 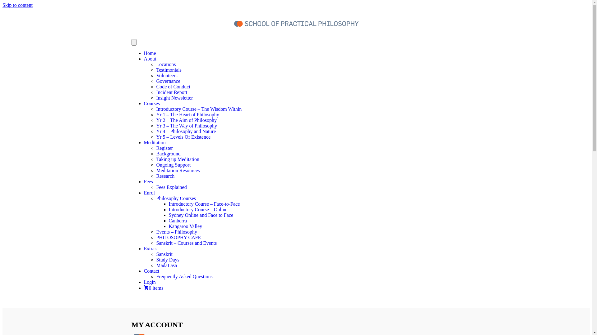 What do you see at coordinates (177, 170) in the screenshot?
I see `'Meditation Resources'` at bounding box center [177, 170].